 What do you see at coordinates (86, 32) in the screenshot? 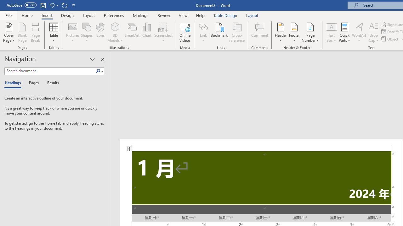
I see `'Shapes'` at bounding box center [86, 32].